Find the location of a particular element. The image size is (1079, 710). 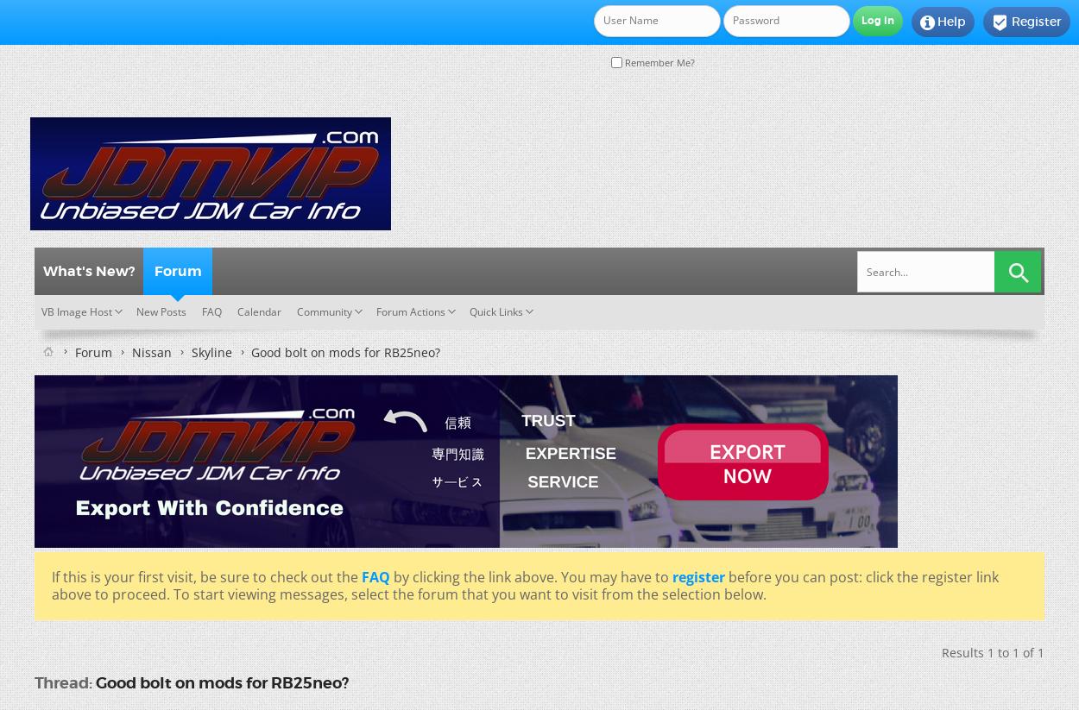

'New Posts' is located at coordinates (136, 311).